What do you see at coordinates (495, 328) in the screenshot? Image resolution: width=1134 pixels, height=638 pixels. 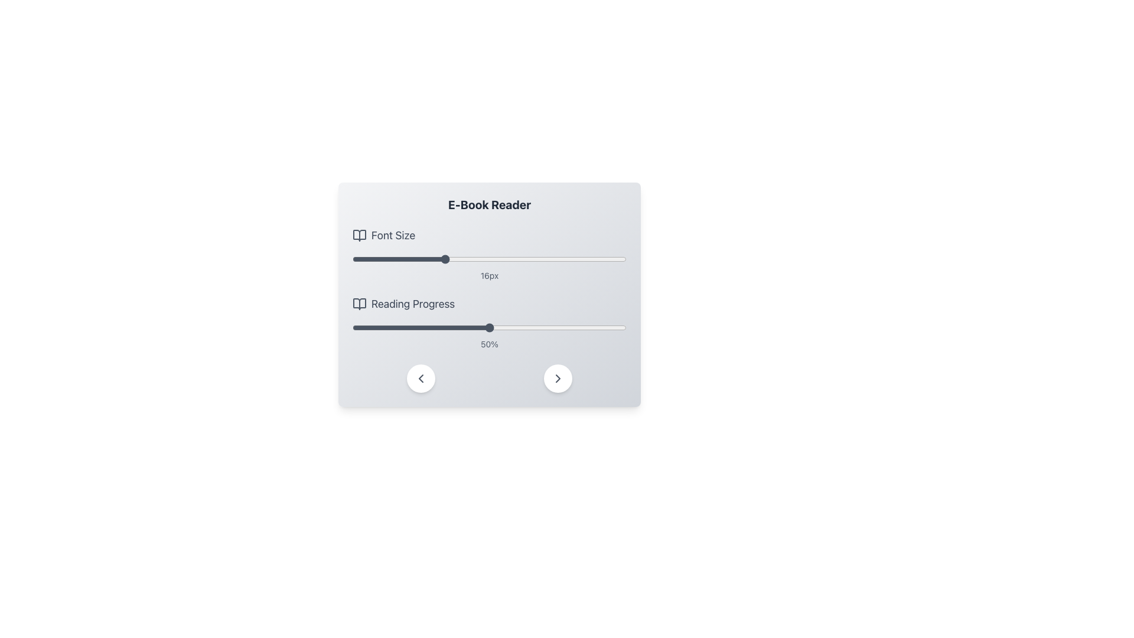 I see `the reading progress` at bounding box center [495, 328].